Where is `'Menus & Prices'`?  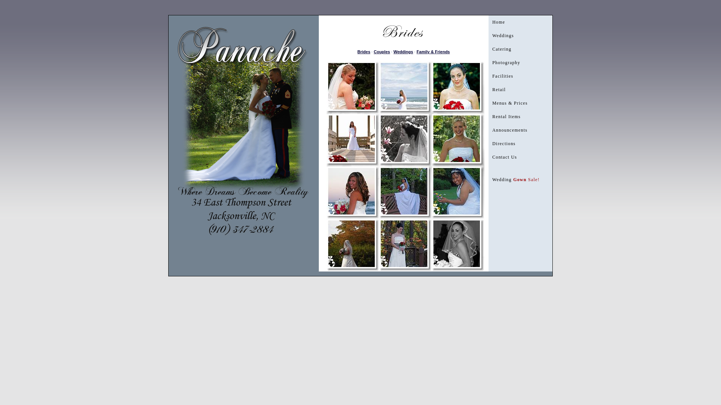
'Menus & Prices' is located at coordinates (520, 103).